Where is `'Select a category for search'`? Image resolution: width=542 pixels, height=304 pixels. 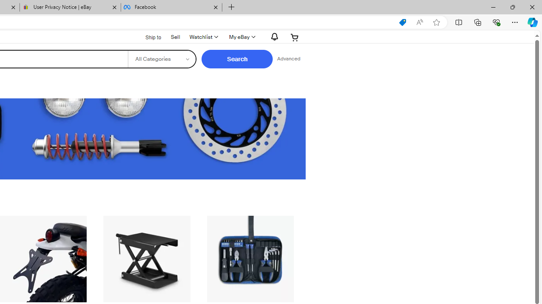
'Select a category for search' is located at coordinates (162, 59).